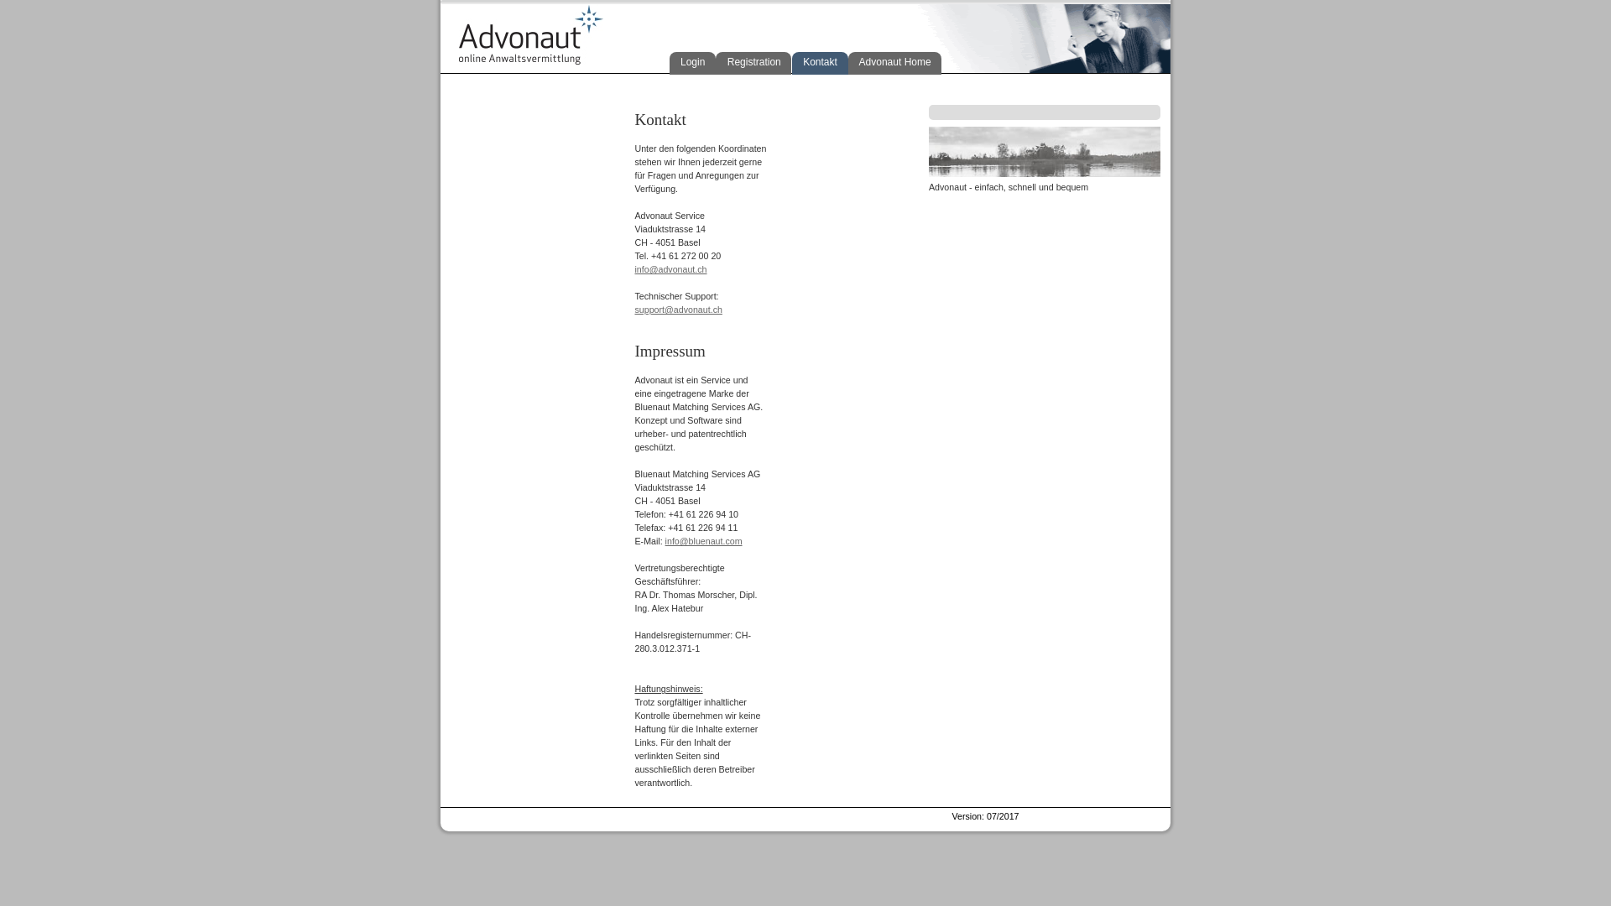  Describe the element at coordinates (752, 62) in the screenshot. I see `'    Registration  '` at that location.